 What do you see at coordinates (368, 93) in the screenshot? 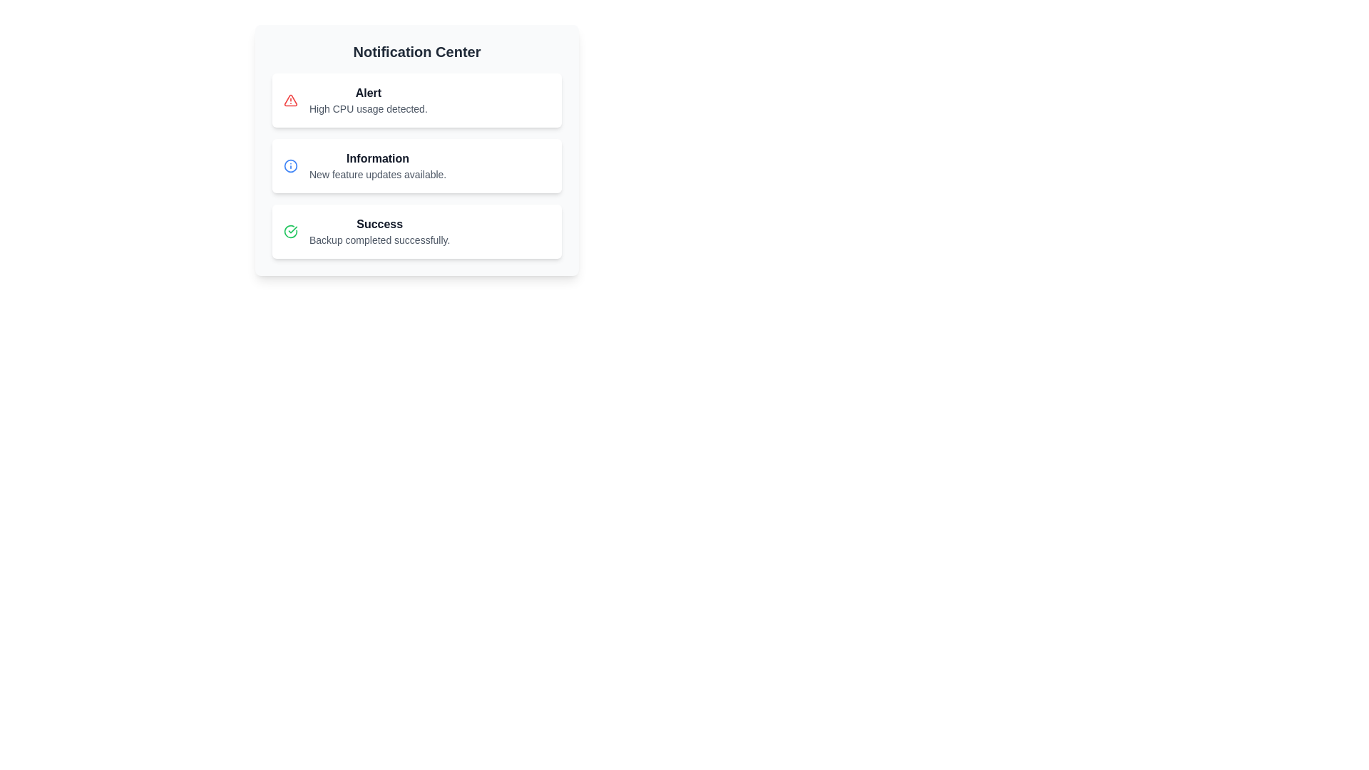
I see `the 'Alert' text label which is the title of the first notification card in the Notification Center, located above the descriptive text 'High CPU usage detected.'` at bounding box center [368, 93].